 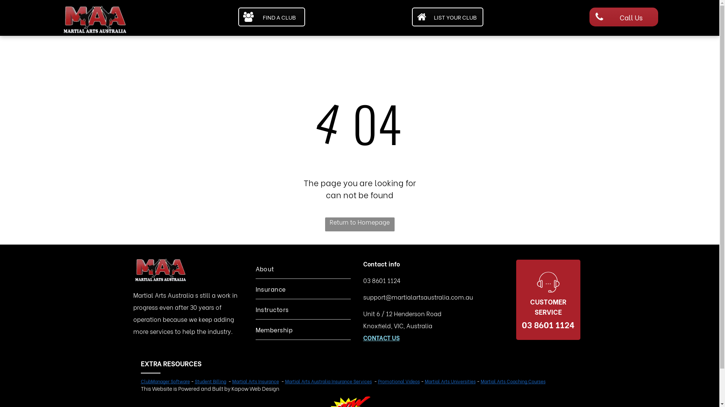 What do you see at coordinates (411, 17) in the screenshot?
I see `'LIST YOUR CLUB'` at bounding box center [411, 17].